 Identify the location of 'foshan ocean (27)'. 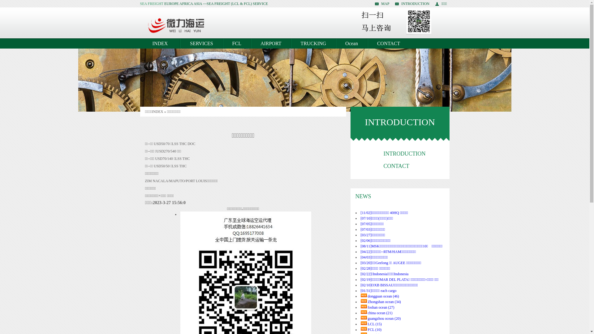
(368, 307).